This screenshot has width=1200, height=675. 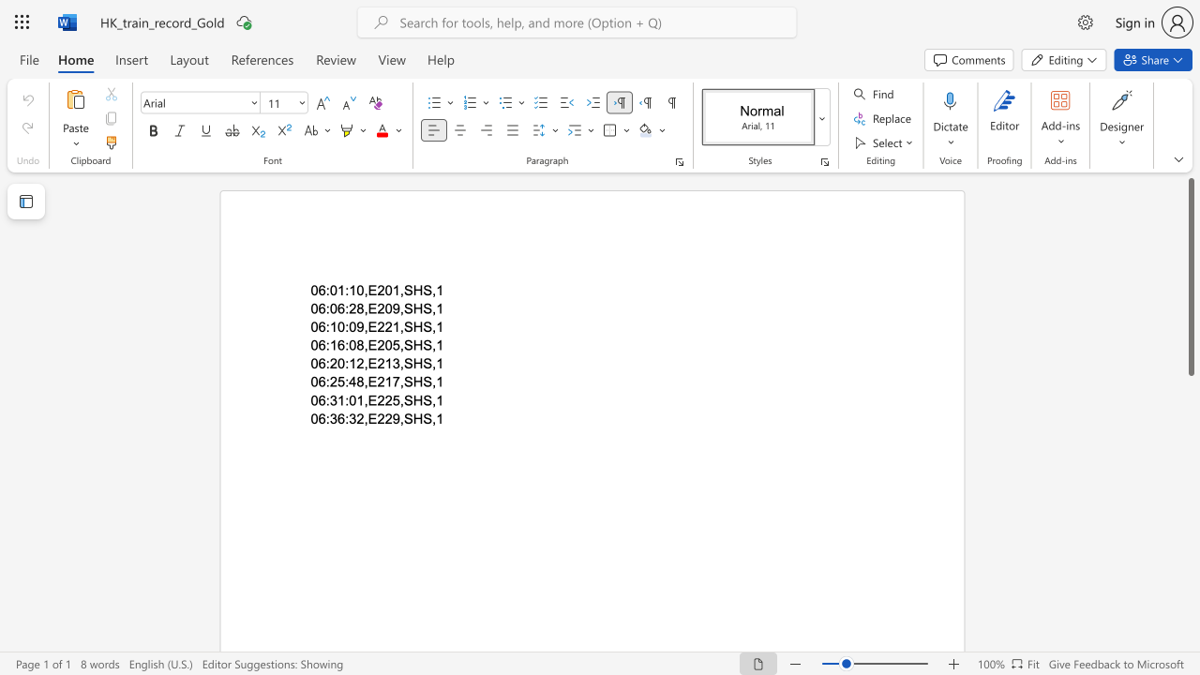 I want to click on the scrollbar on the right, so click(x=1190, y=619).